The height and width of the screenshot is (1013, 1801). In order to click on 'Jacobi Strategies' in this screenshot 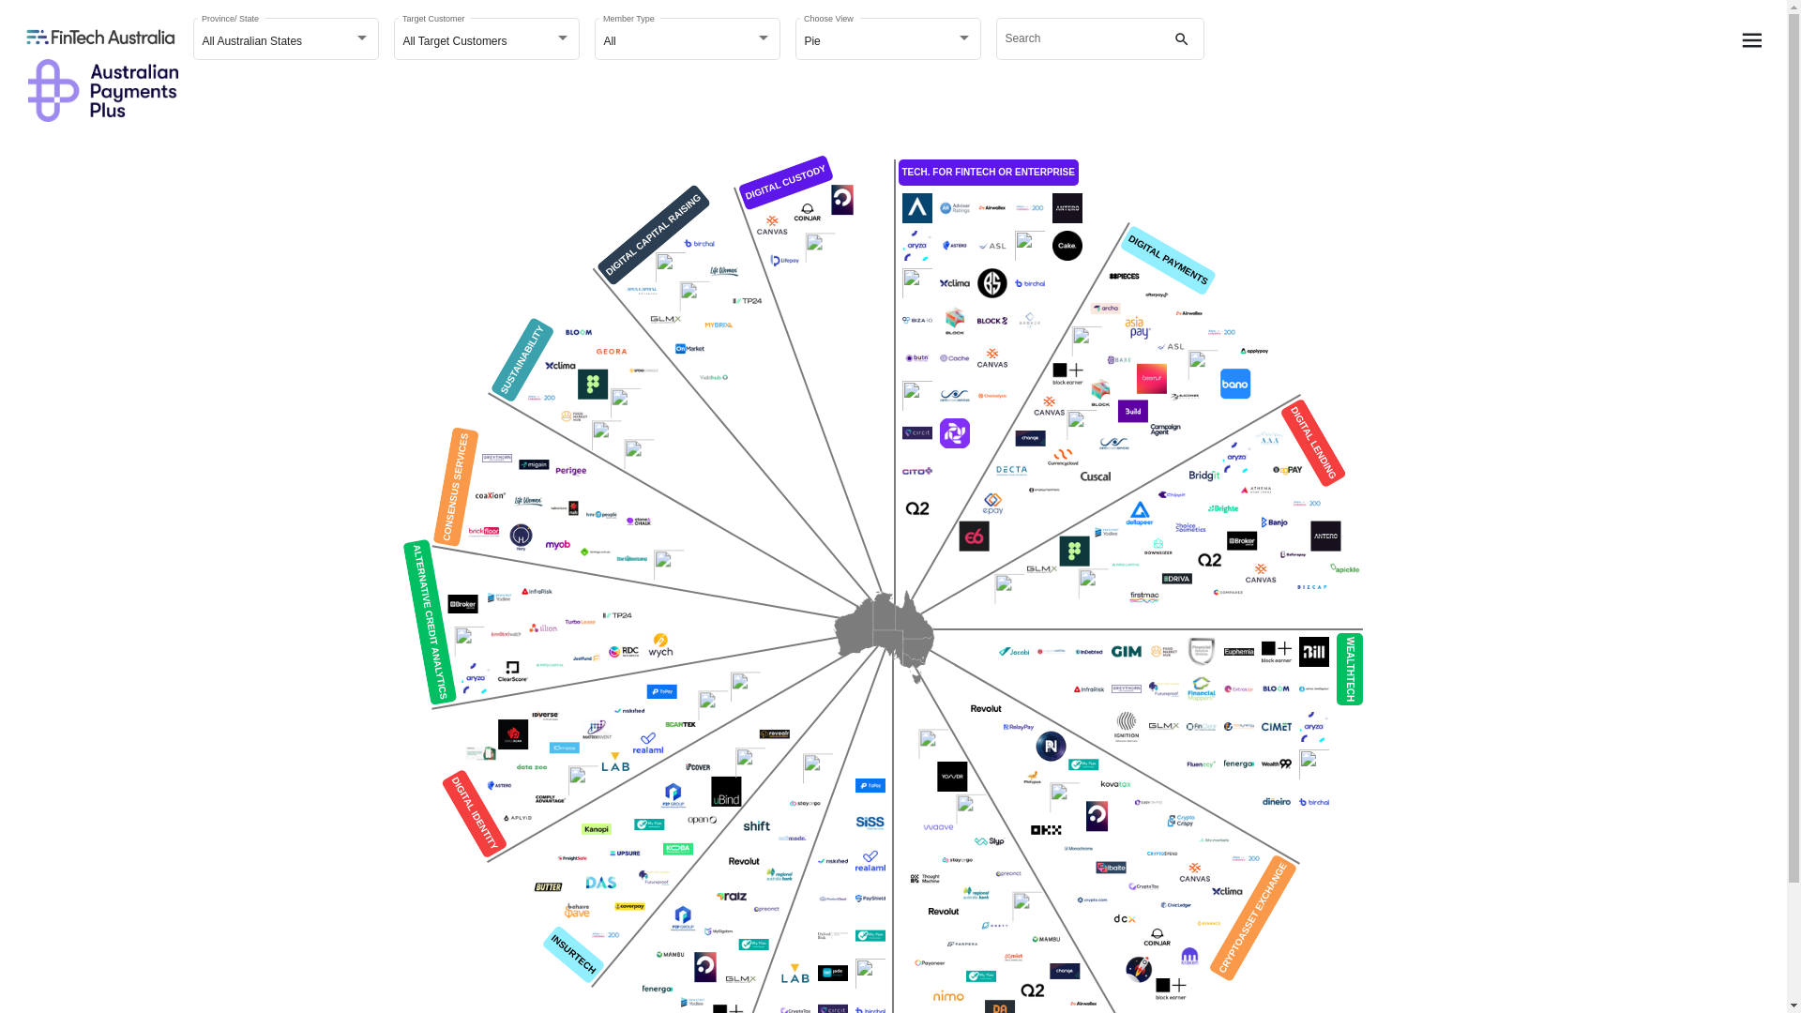, I will do `click(1012, 650)`.